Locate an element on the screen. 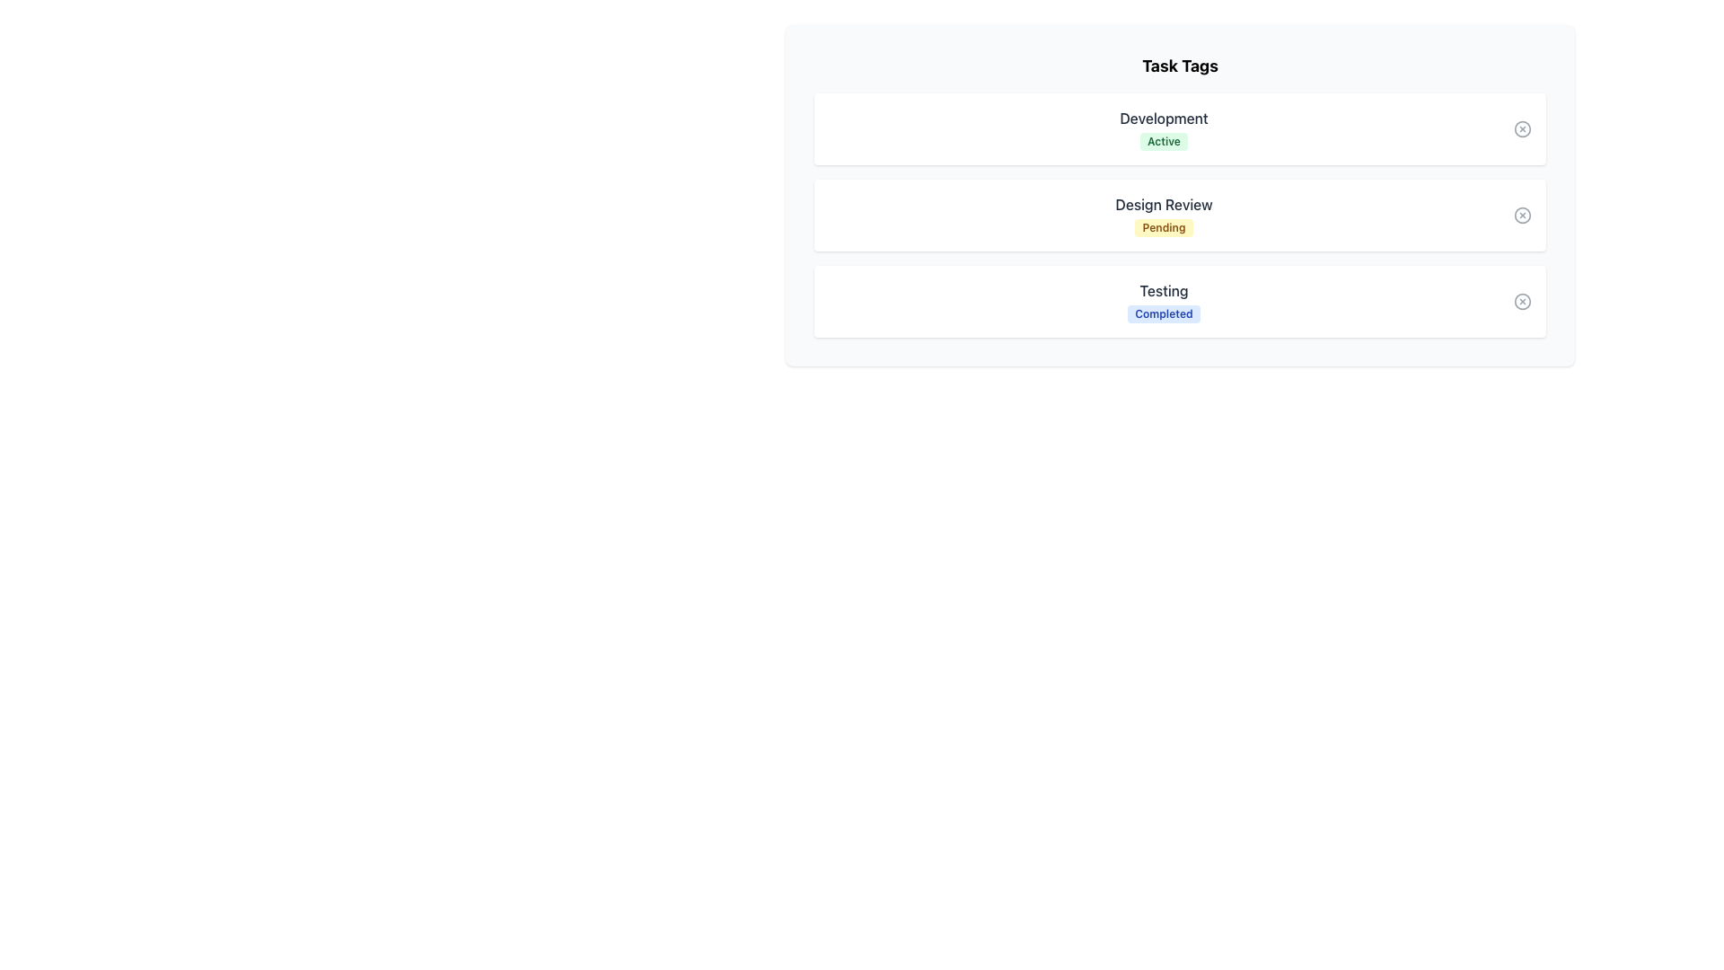 The image size is (1724, 970). the status tag of the completed task labeled 'Testing' located in the third row of the 'Task Tags' section is located at coordinates (1164, 300).